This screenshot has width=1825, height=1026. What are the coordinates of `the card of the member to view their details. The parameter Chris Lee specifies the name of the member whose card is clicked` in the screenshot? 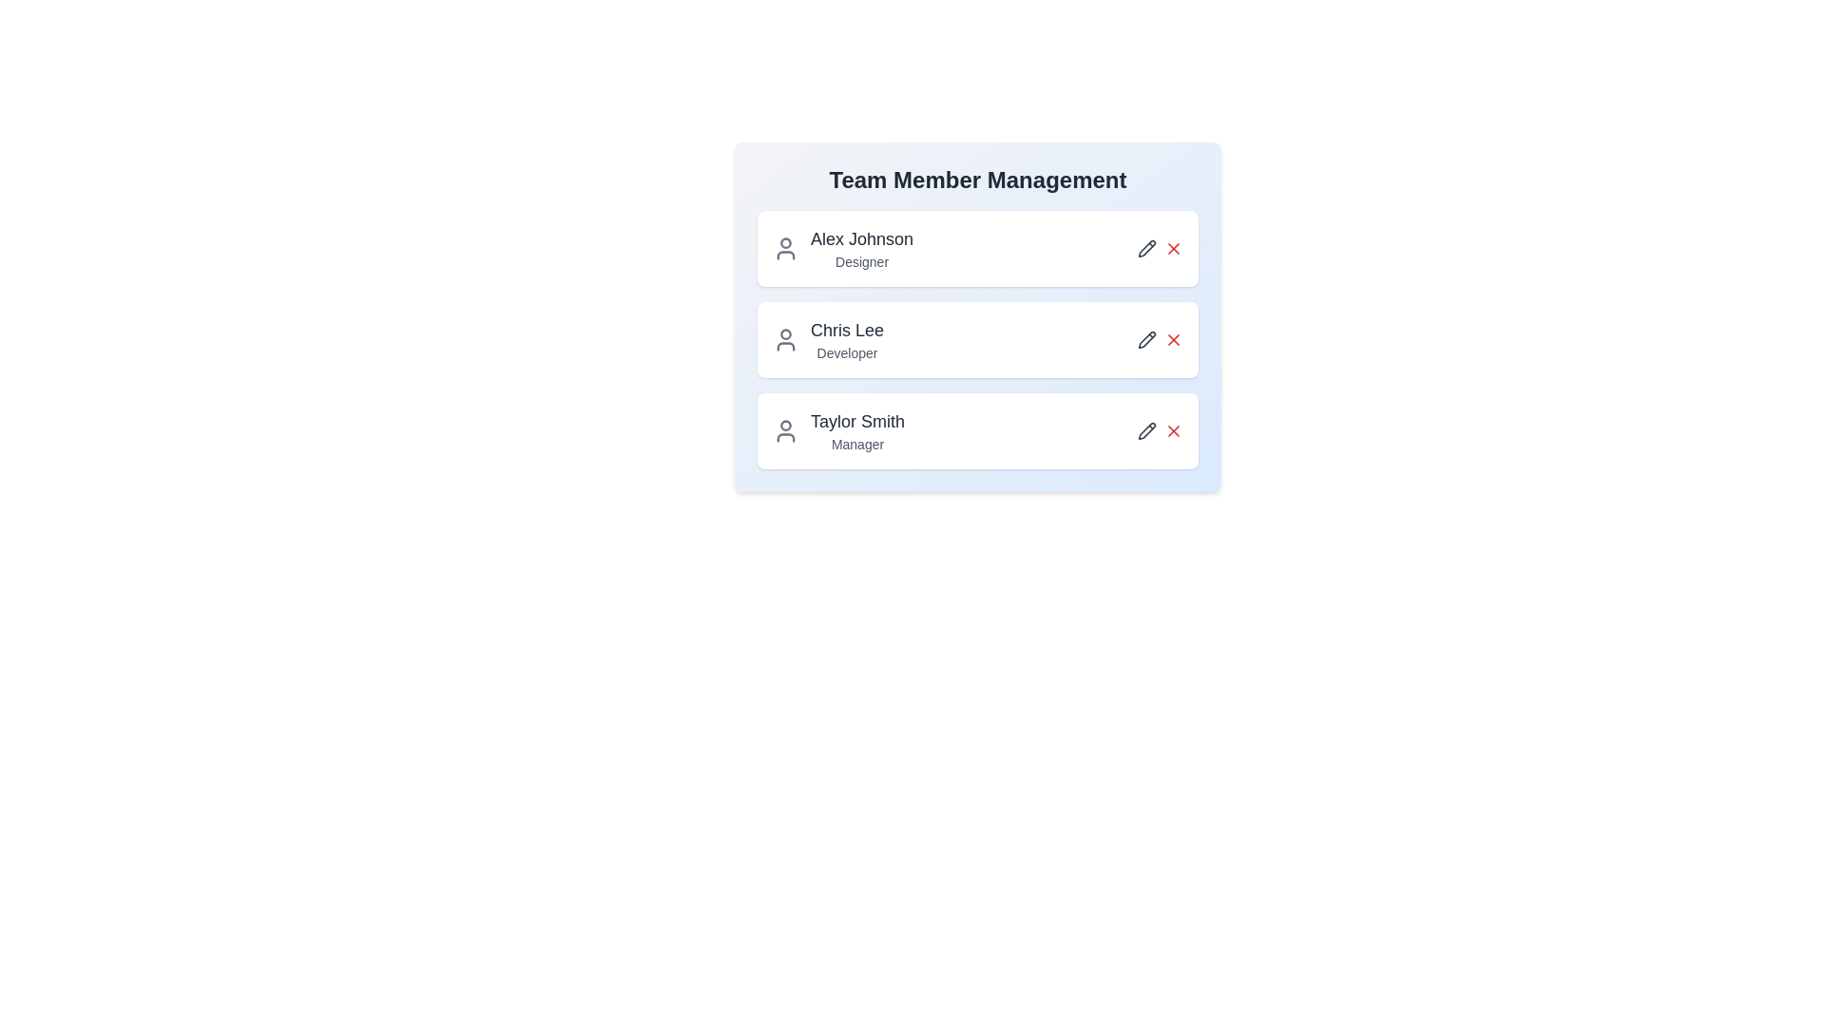 It's located at (977, 339).